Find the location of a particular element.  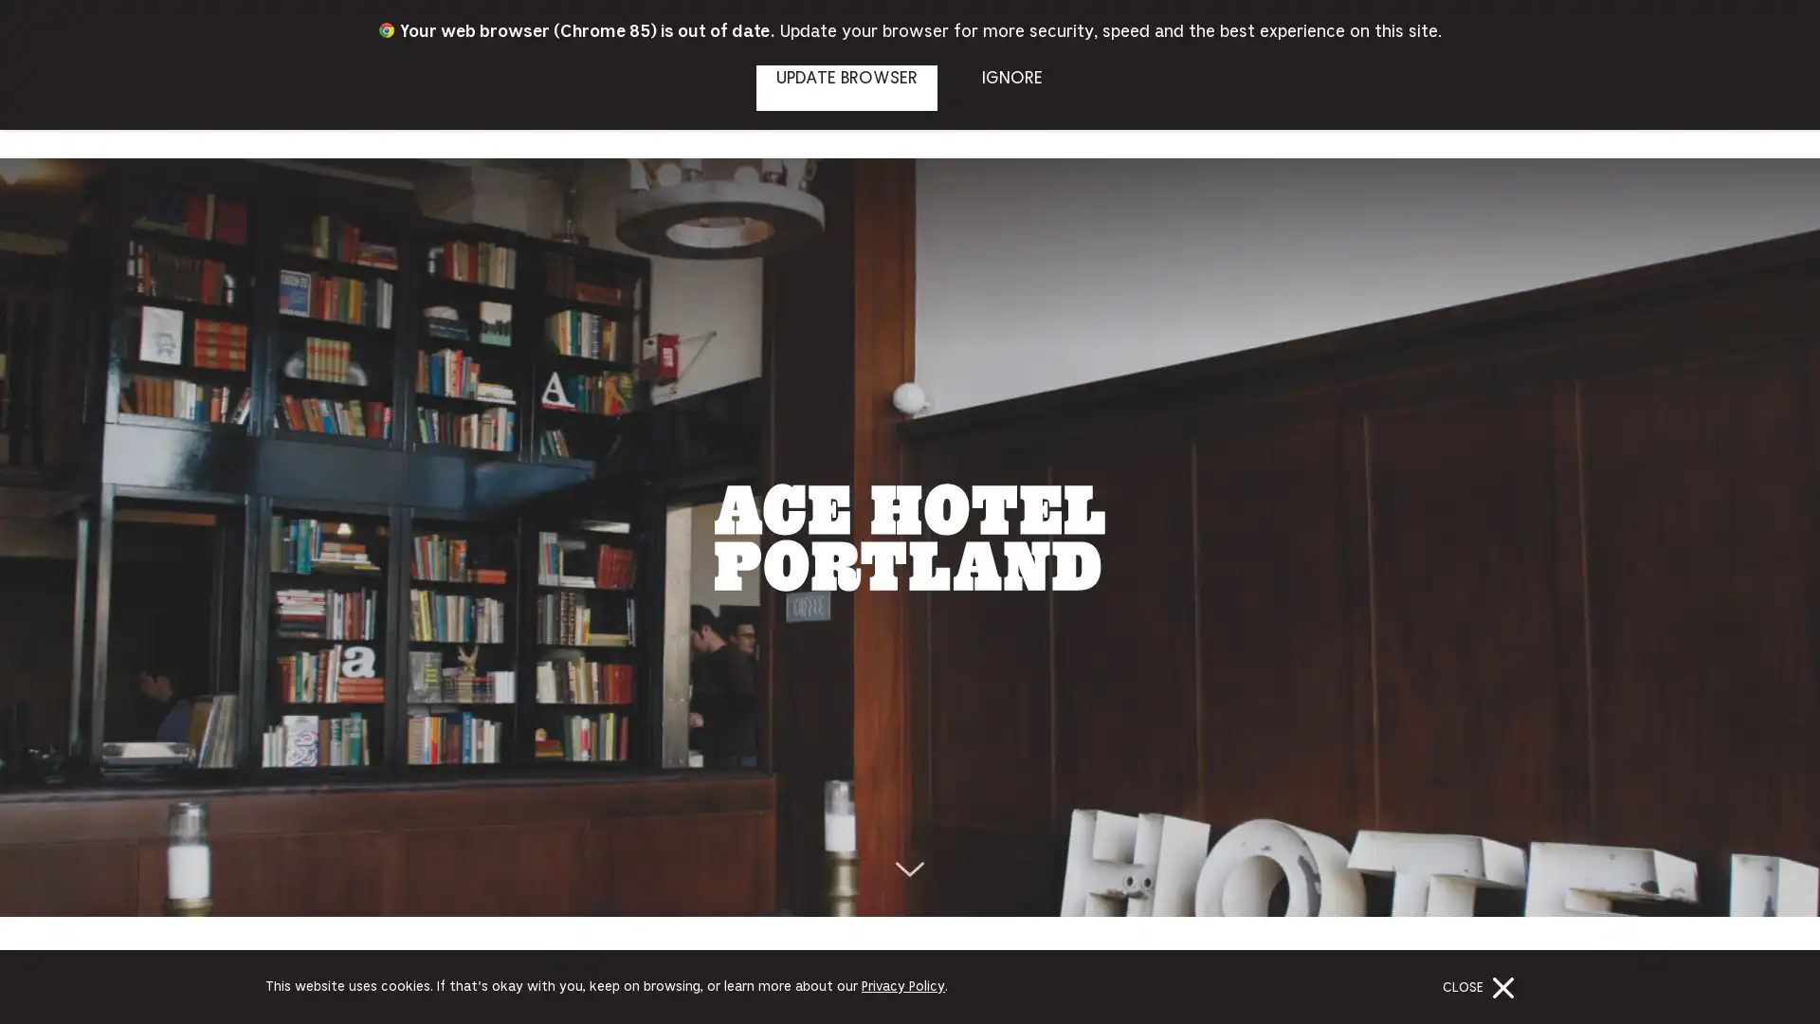

BOOK NOW - THIS OPENS THE BOOKING FORM OVERLAY. is located at coordinates (1733, 32).